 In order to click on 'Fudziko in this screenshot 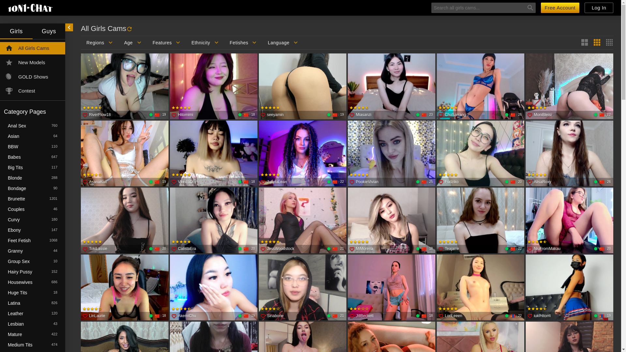, I will do `click(480, 154)`.